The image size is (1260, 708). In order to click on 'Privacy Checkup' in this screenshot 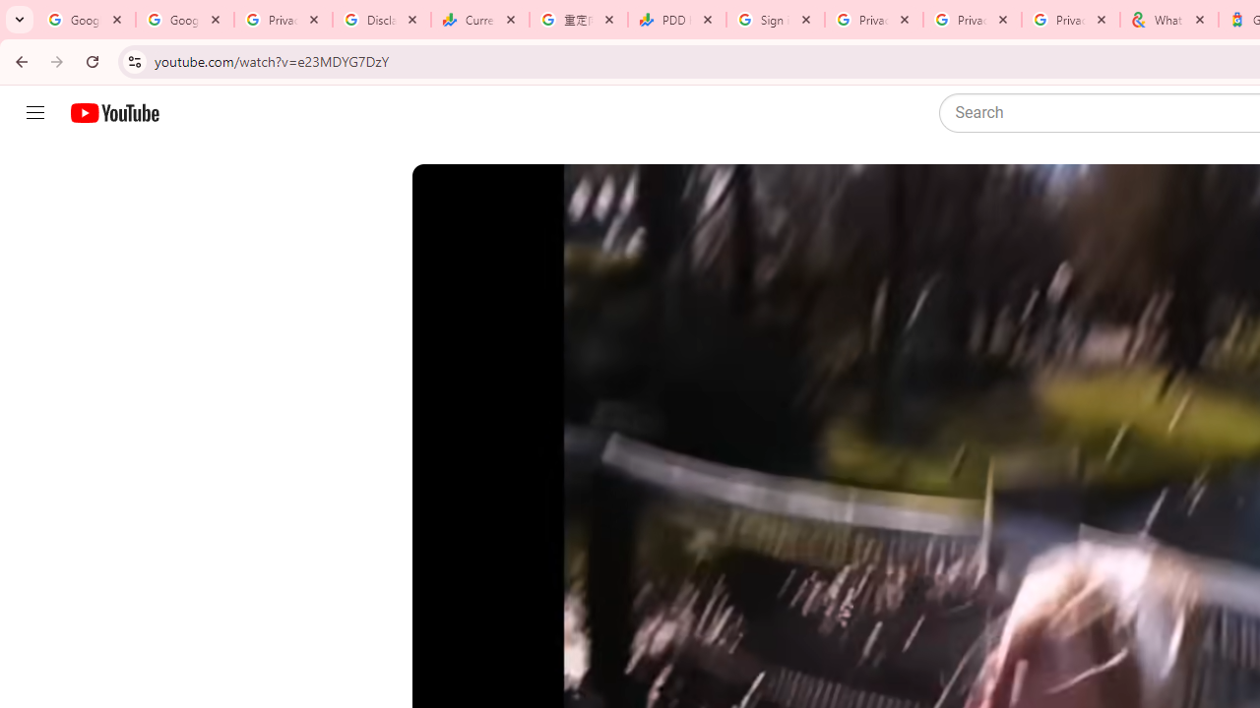, I will do `click(1070, 20)`.